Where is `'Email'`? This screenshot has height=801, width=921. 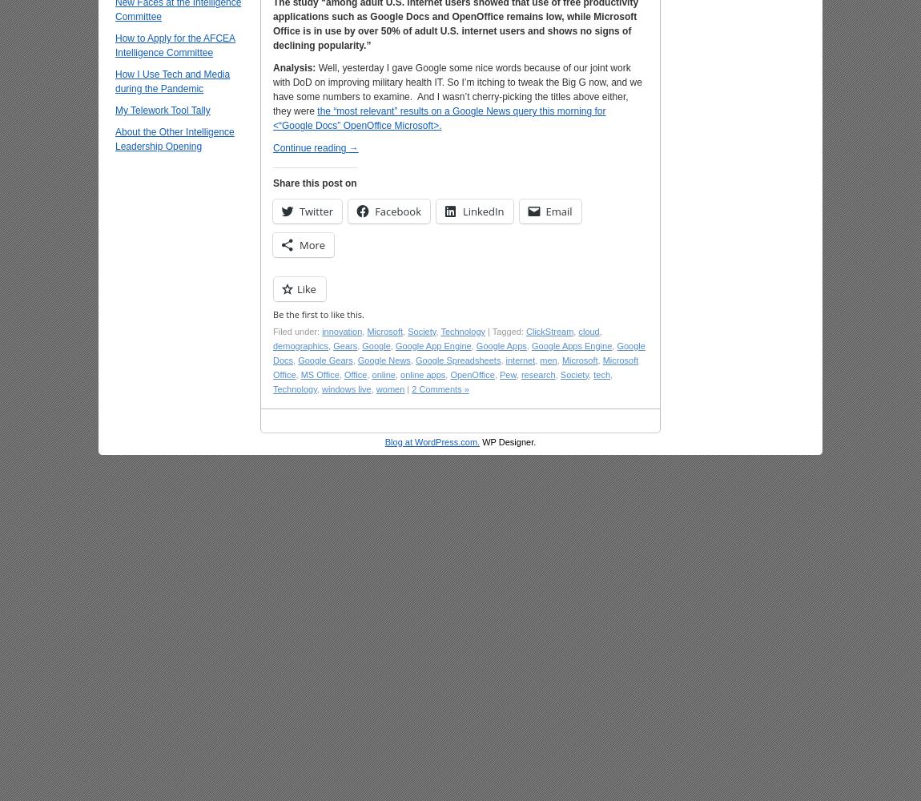 'Email' is located at coordinates (557, 211).